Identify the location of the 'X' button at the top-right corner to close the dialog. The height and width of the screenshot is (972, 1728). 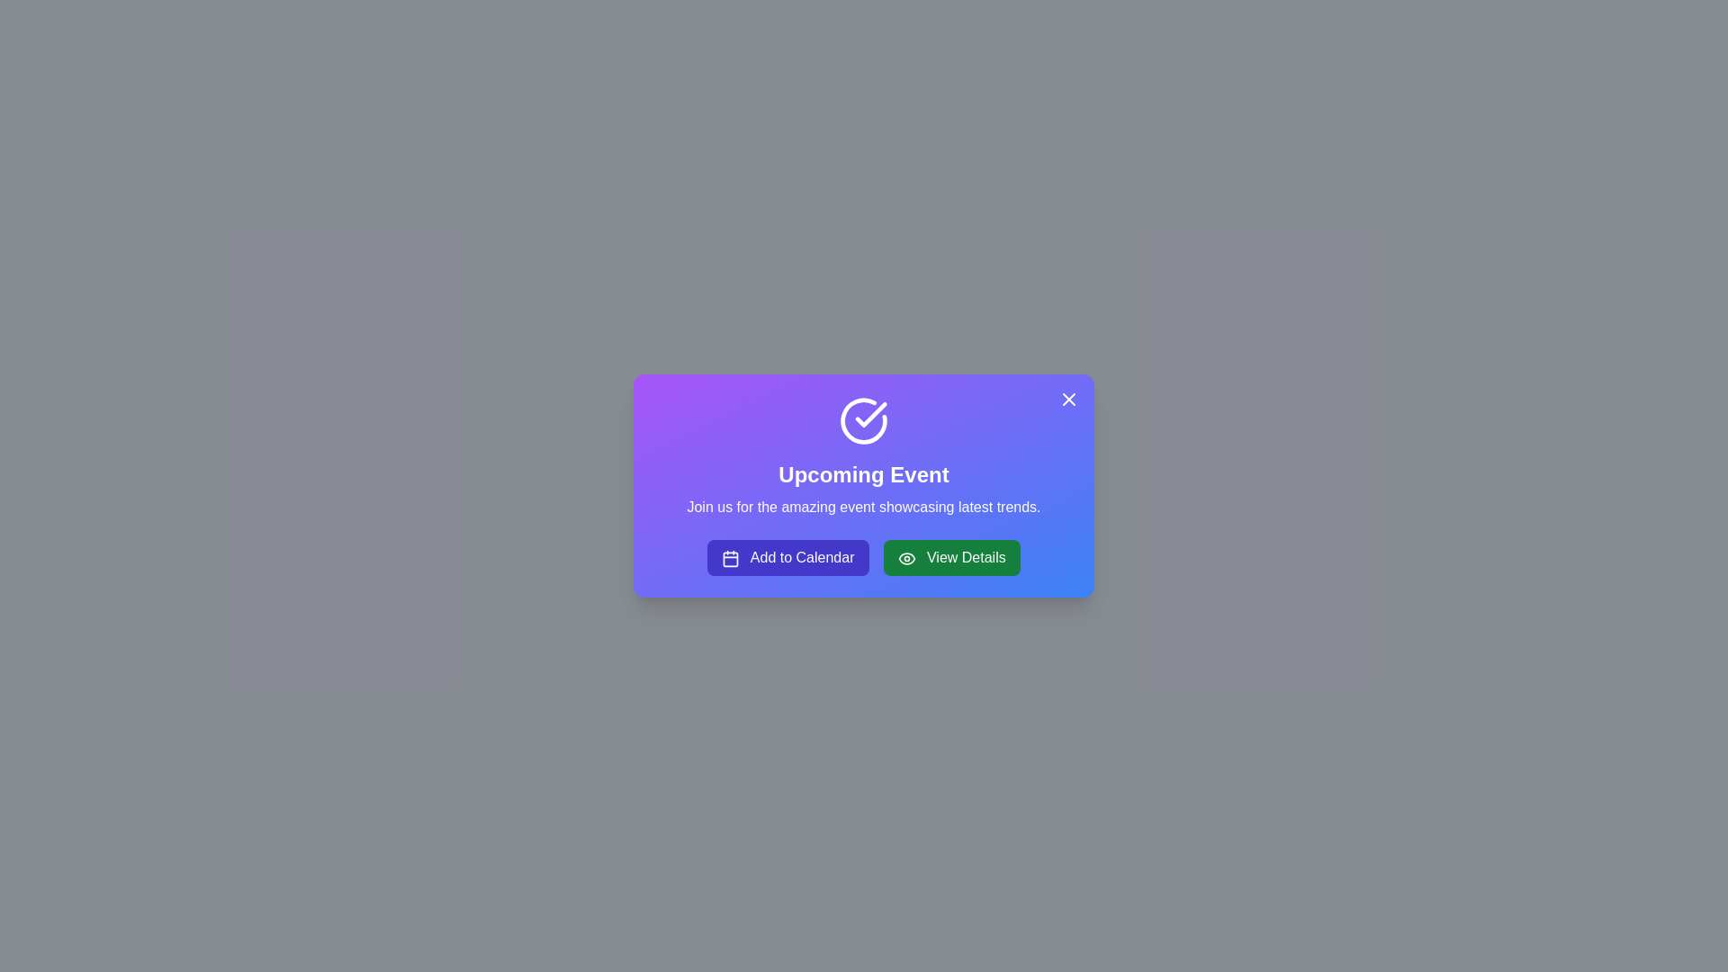
(1069, 398).